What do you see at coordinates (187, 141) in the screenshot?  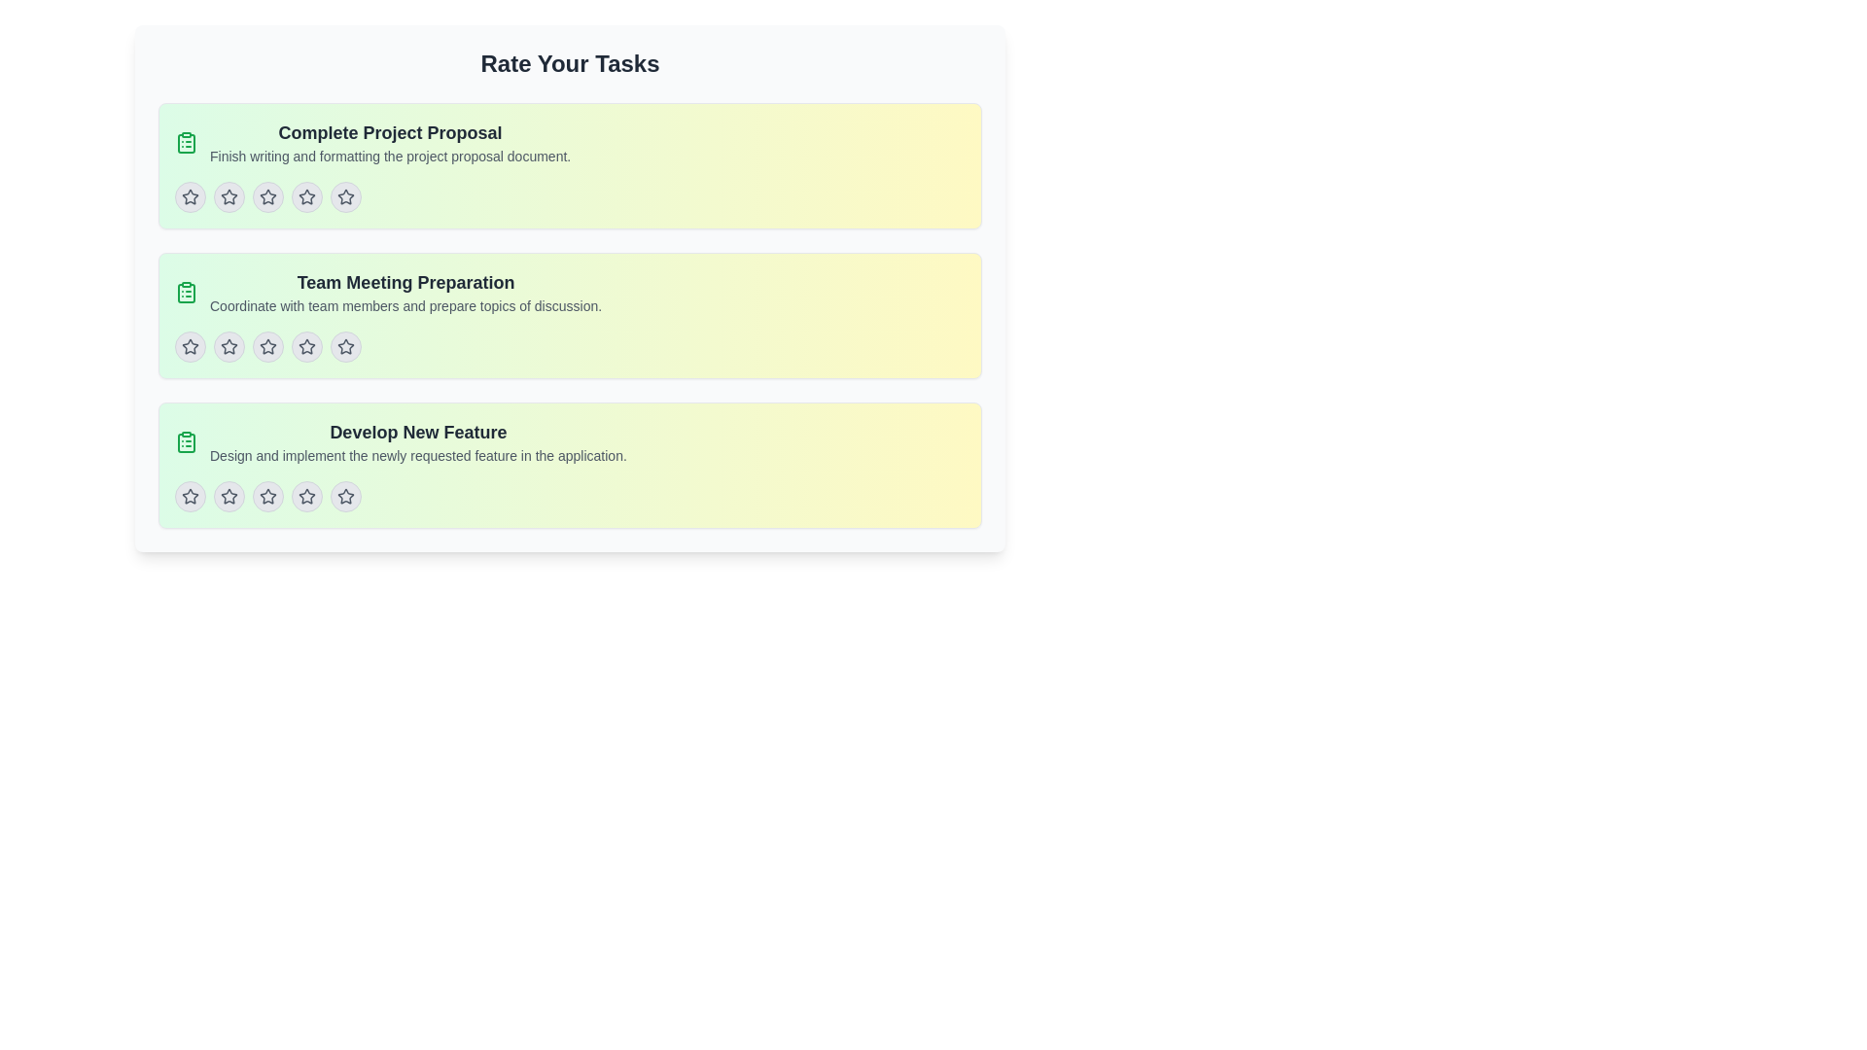 I see `the icon that serves as a visual marker for the task titled 'Complete Project Proposal', which is positioned to the left of the task title` at bounding box center [187, 141].